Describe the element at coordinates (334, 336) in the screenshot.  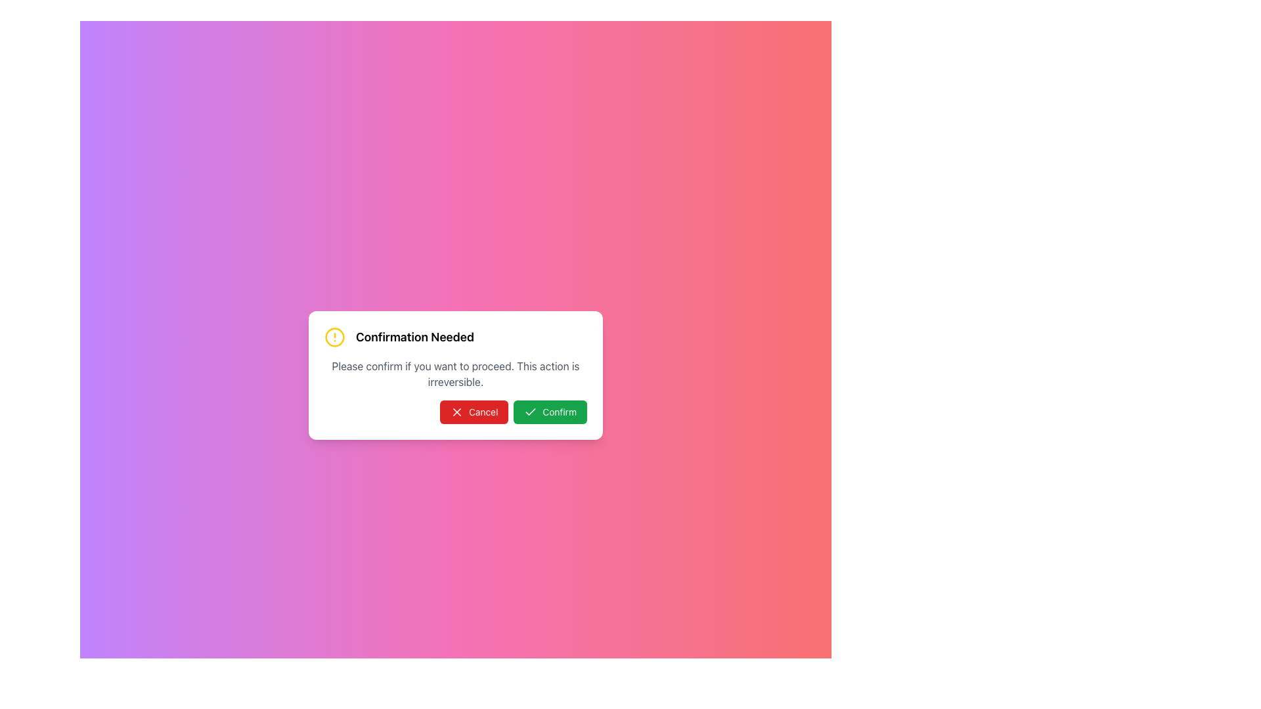
I see `the warning or alert icon located to the left of the text 'Confirmation Needed' at the center top of the overlay modal` at that location.